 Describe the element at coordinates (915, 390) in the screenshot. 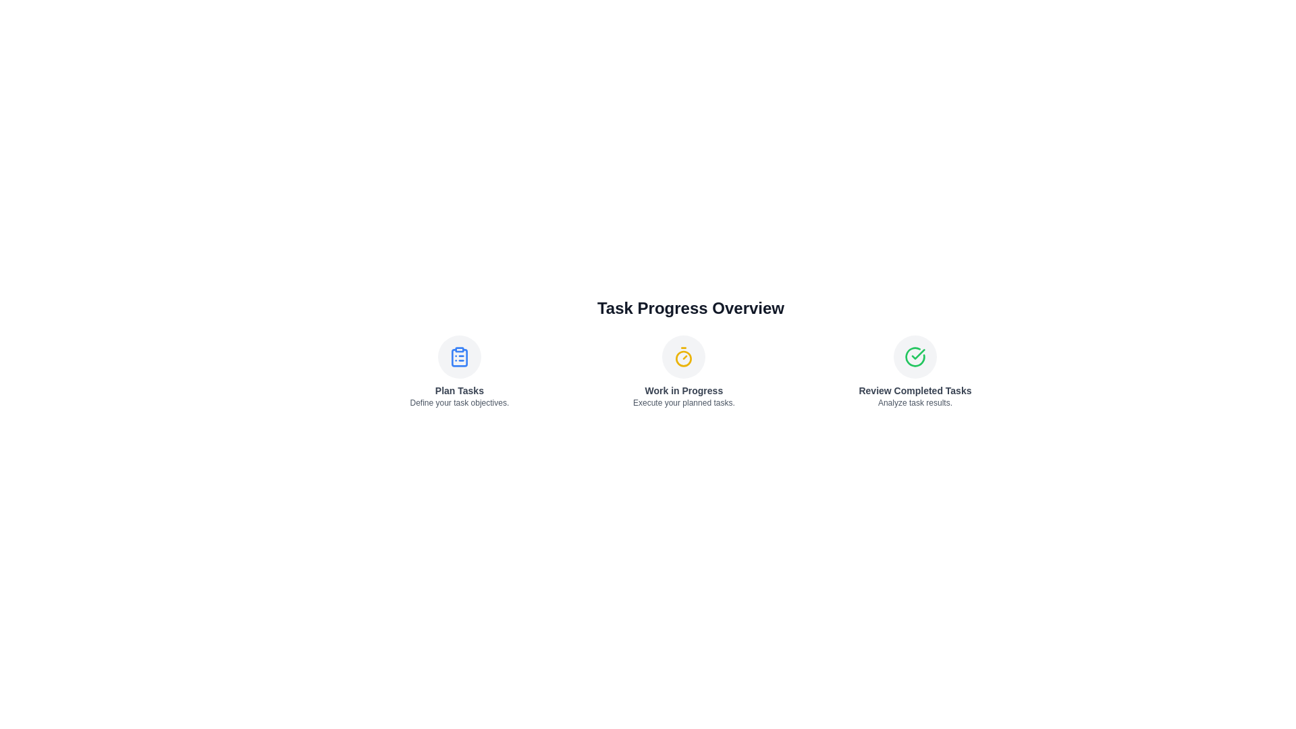

I see `the text of the step titled 'Review Completed Tasks'` at that location.